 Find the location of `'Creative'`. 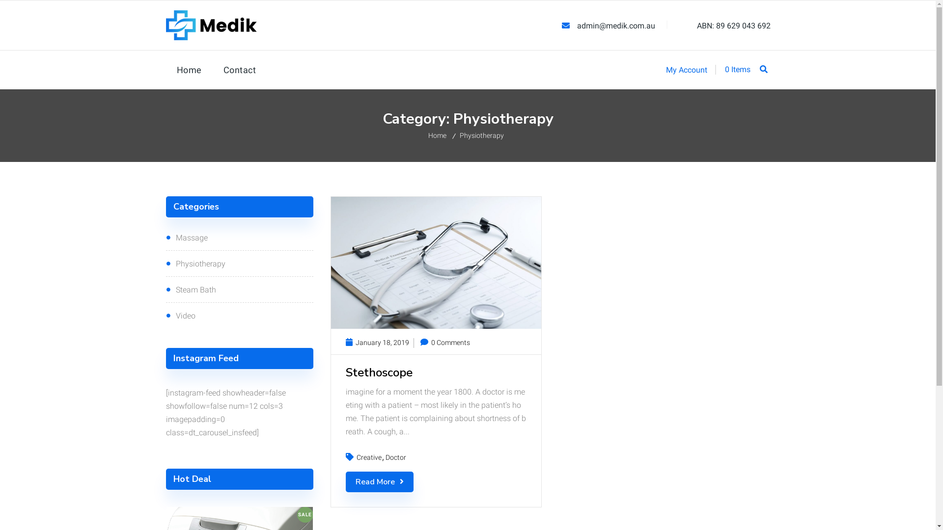

'Creative' is located at coordinates (369, 457).